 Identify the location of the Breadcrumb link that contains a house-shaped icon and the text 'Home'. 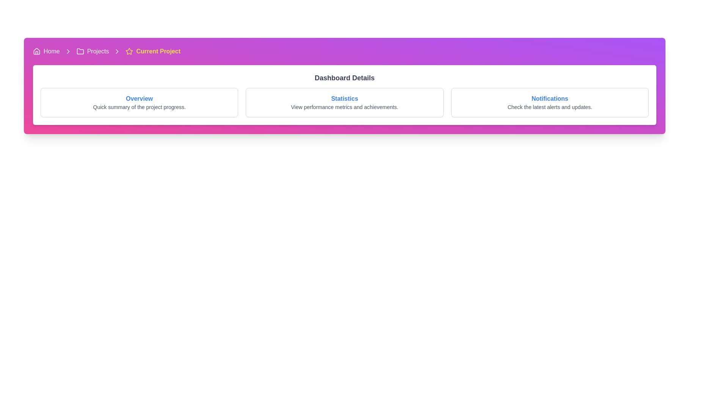
(46, 51).